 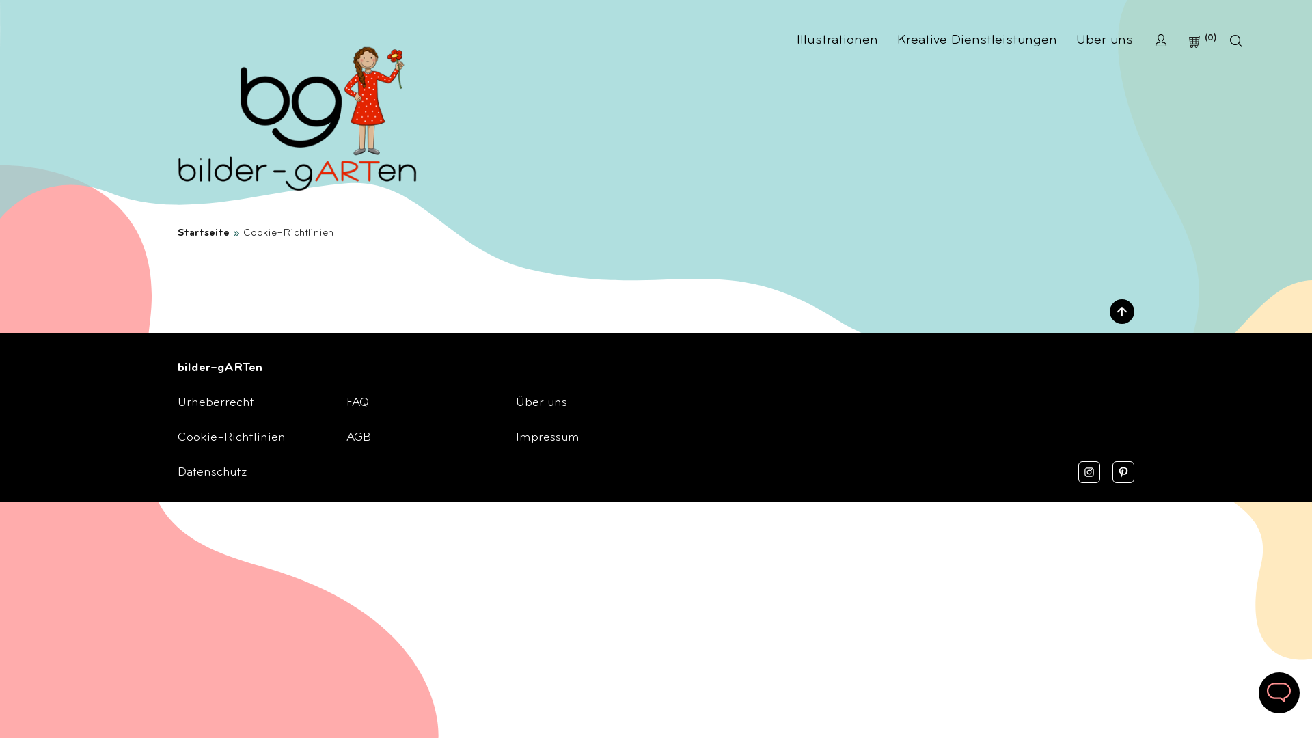 I want to click on 'Schreib uns', so click(x=1279, y=693).